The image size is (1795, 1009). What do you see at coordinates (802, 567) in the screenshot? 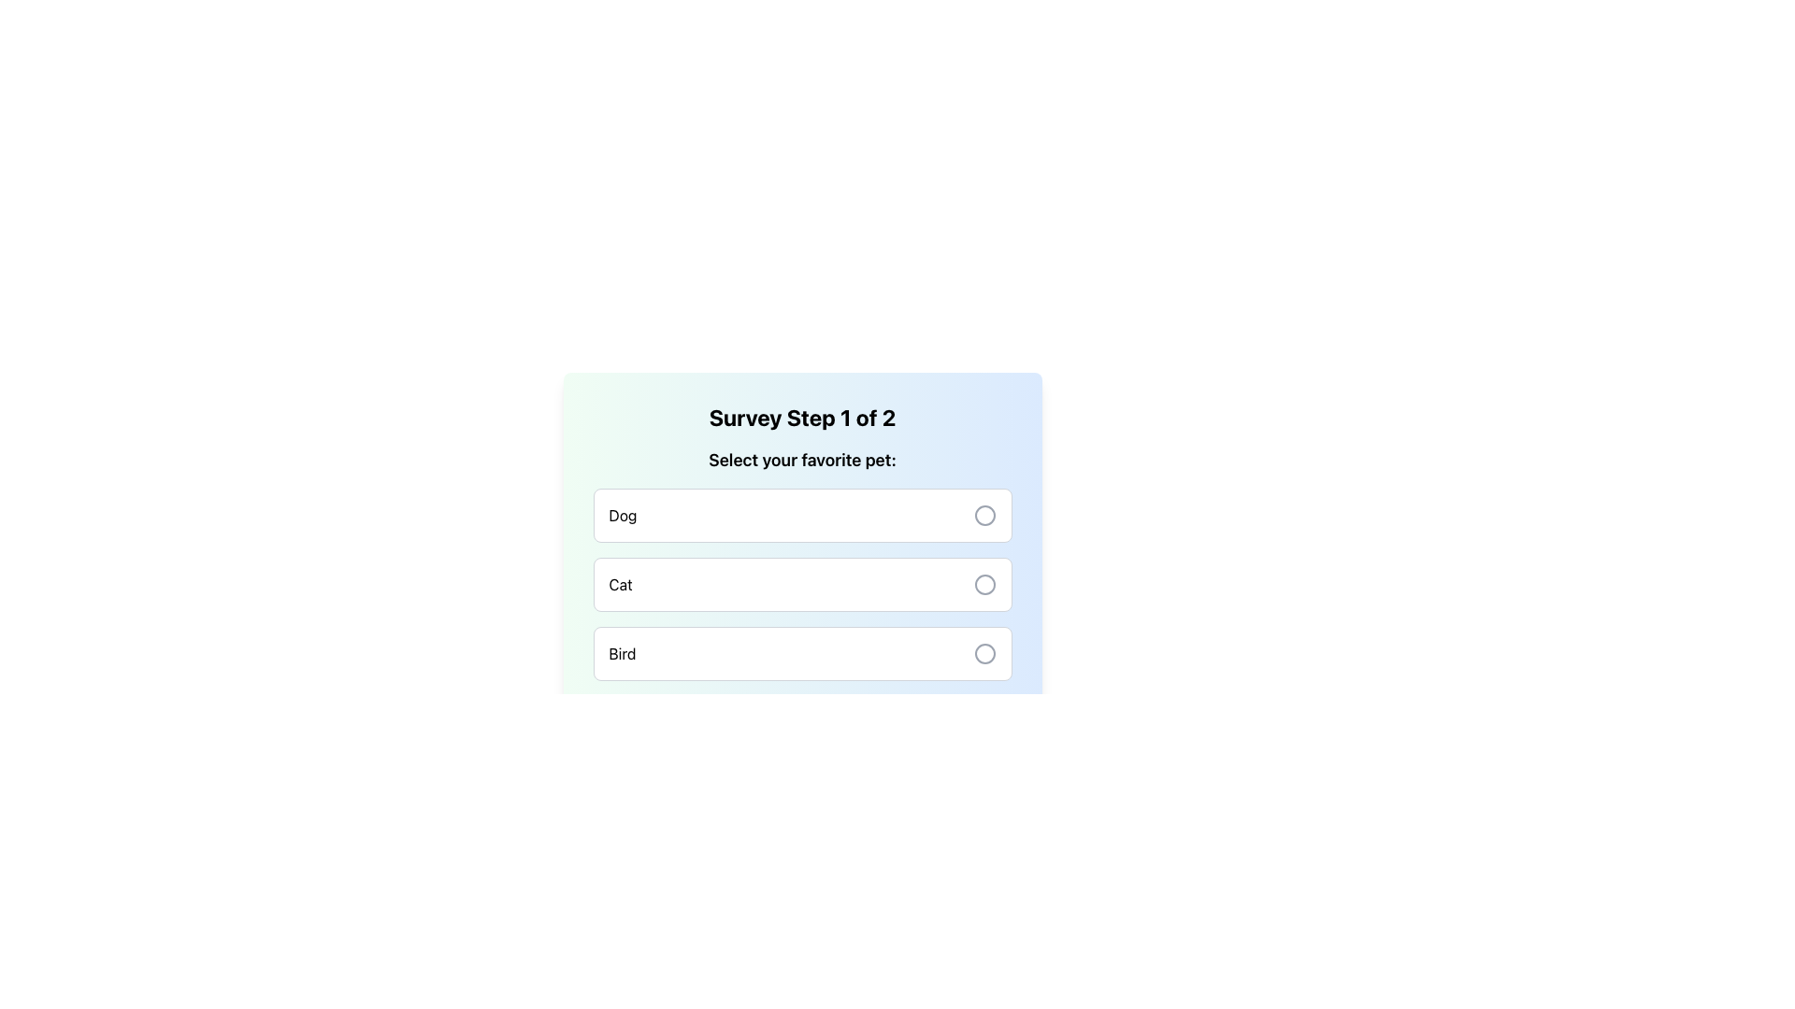
I see `the second selectable option labeled 'Cat' in the multiple-choice interface` at bounding box center [802, 567].